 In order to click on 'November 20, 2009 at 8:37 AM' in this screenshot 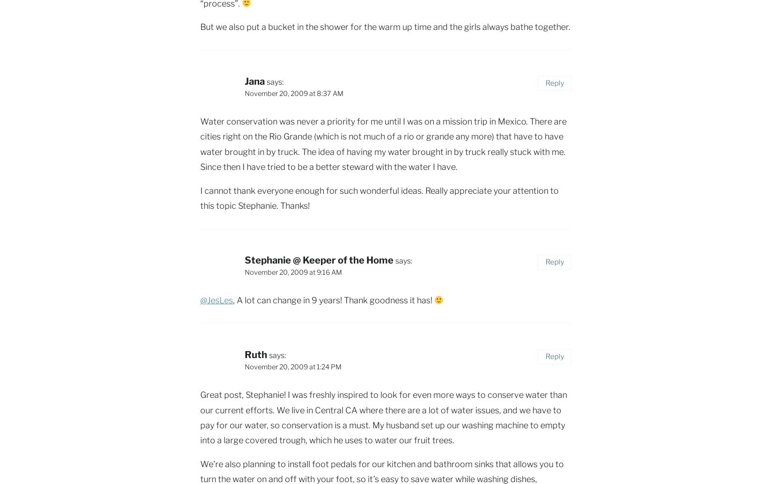, I will do `click(293, 93)`.